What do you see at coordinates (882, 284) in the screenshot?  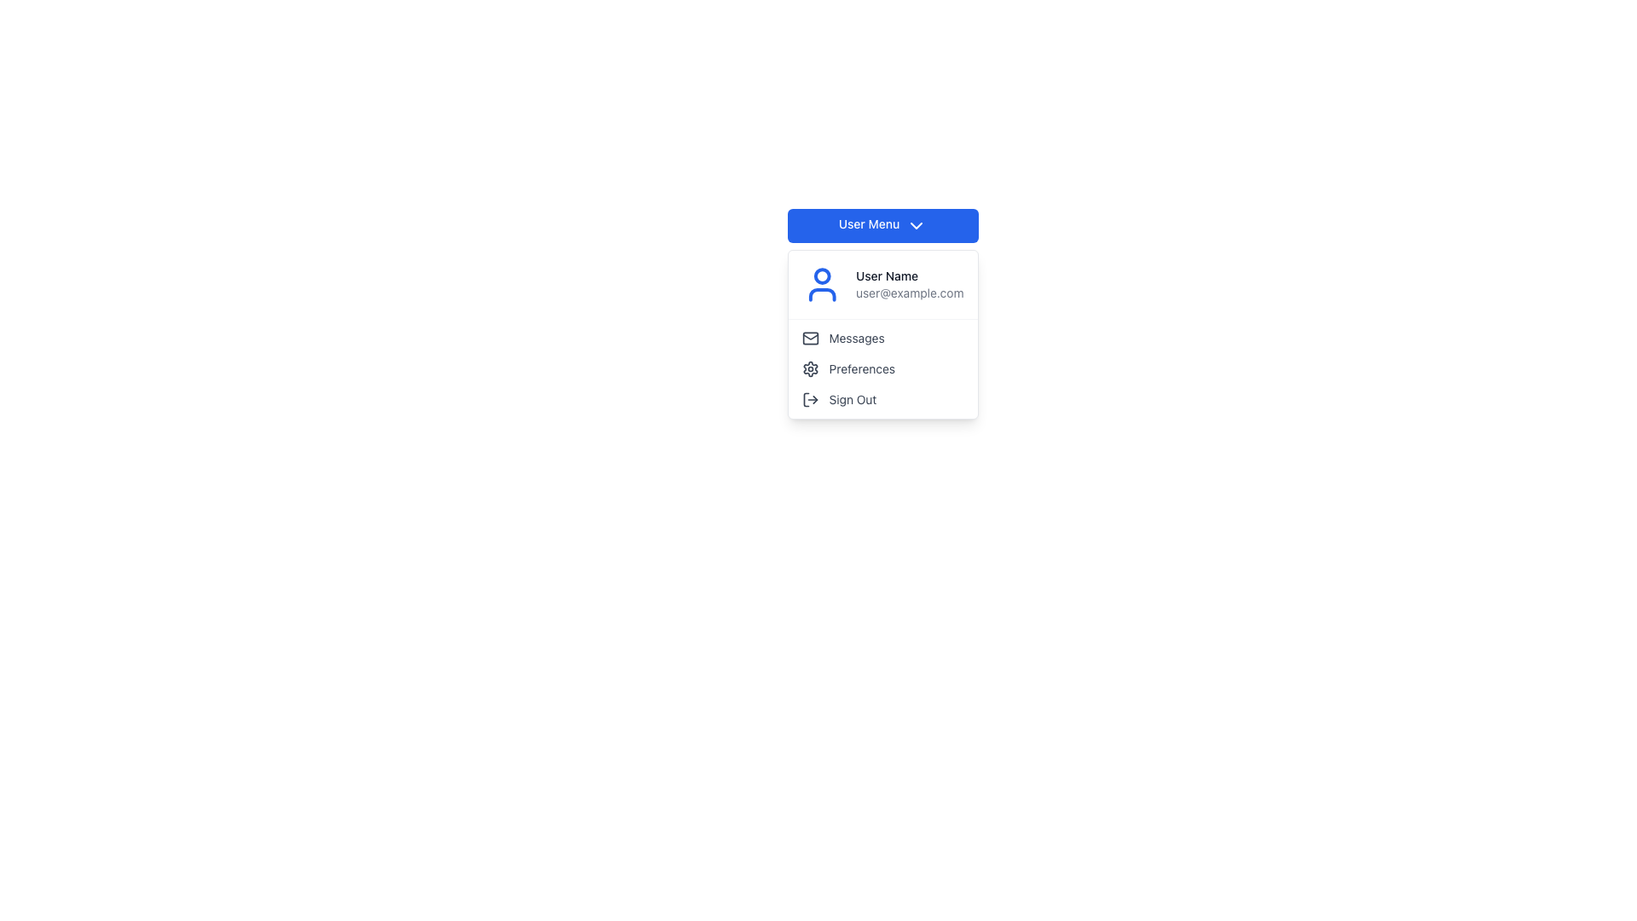 I see `the User Profile Section located below the 'User Menu' header` at bounding box center [882, 284].